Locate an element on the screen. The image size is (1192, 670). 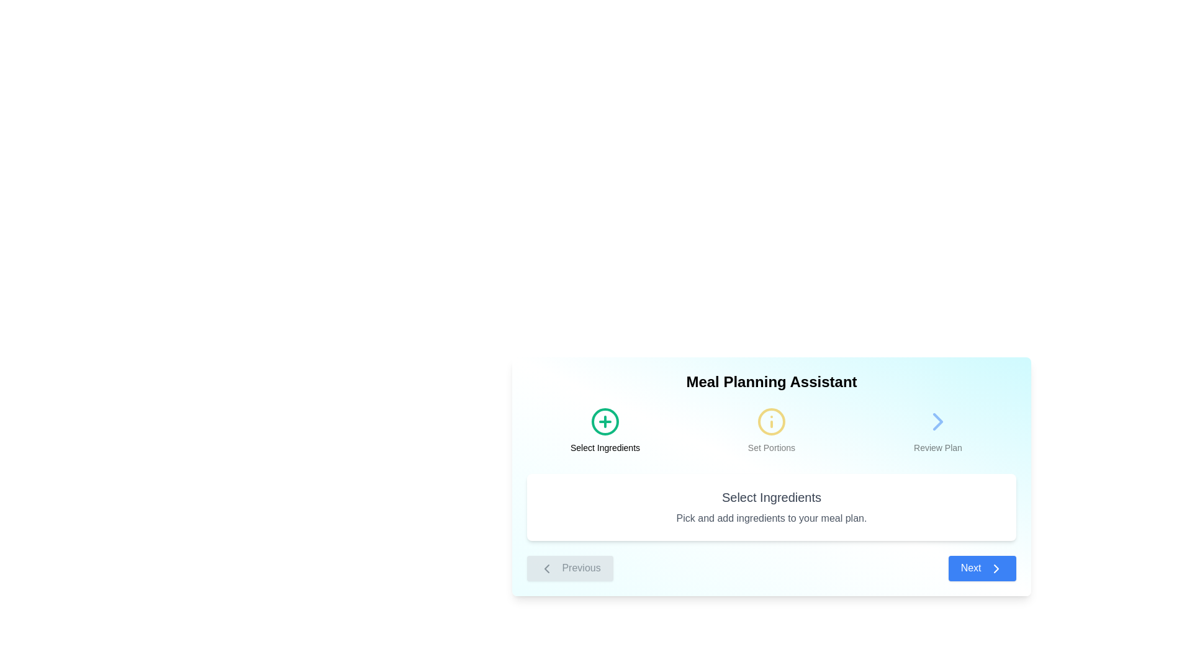
the circular icon with an information symbol and the text label 'Set Portions' is located at coordinates (771, 430).